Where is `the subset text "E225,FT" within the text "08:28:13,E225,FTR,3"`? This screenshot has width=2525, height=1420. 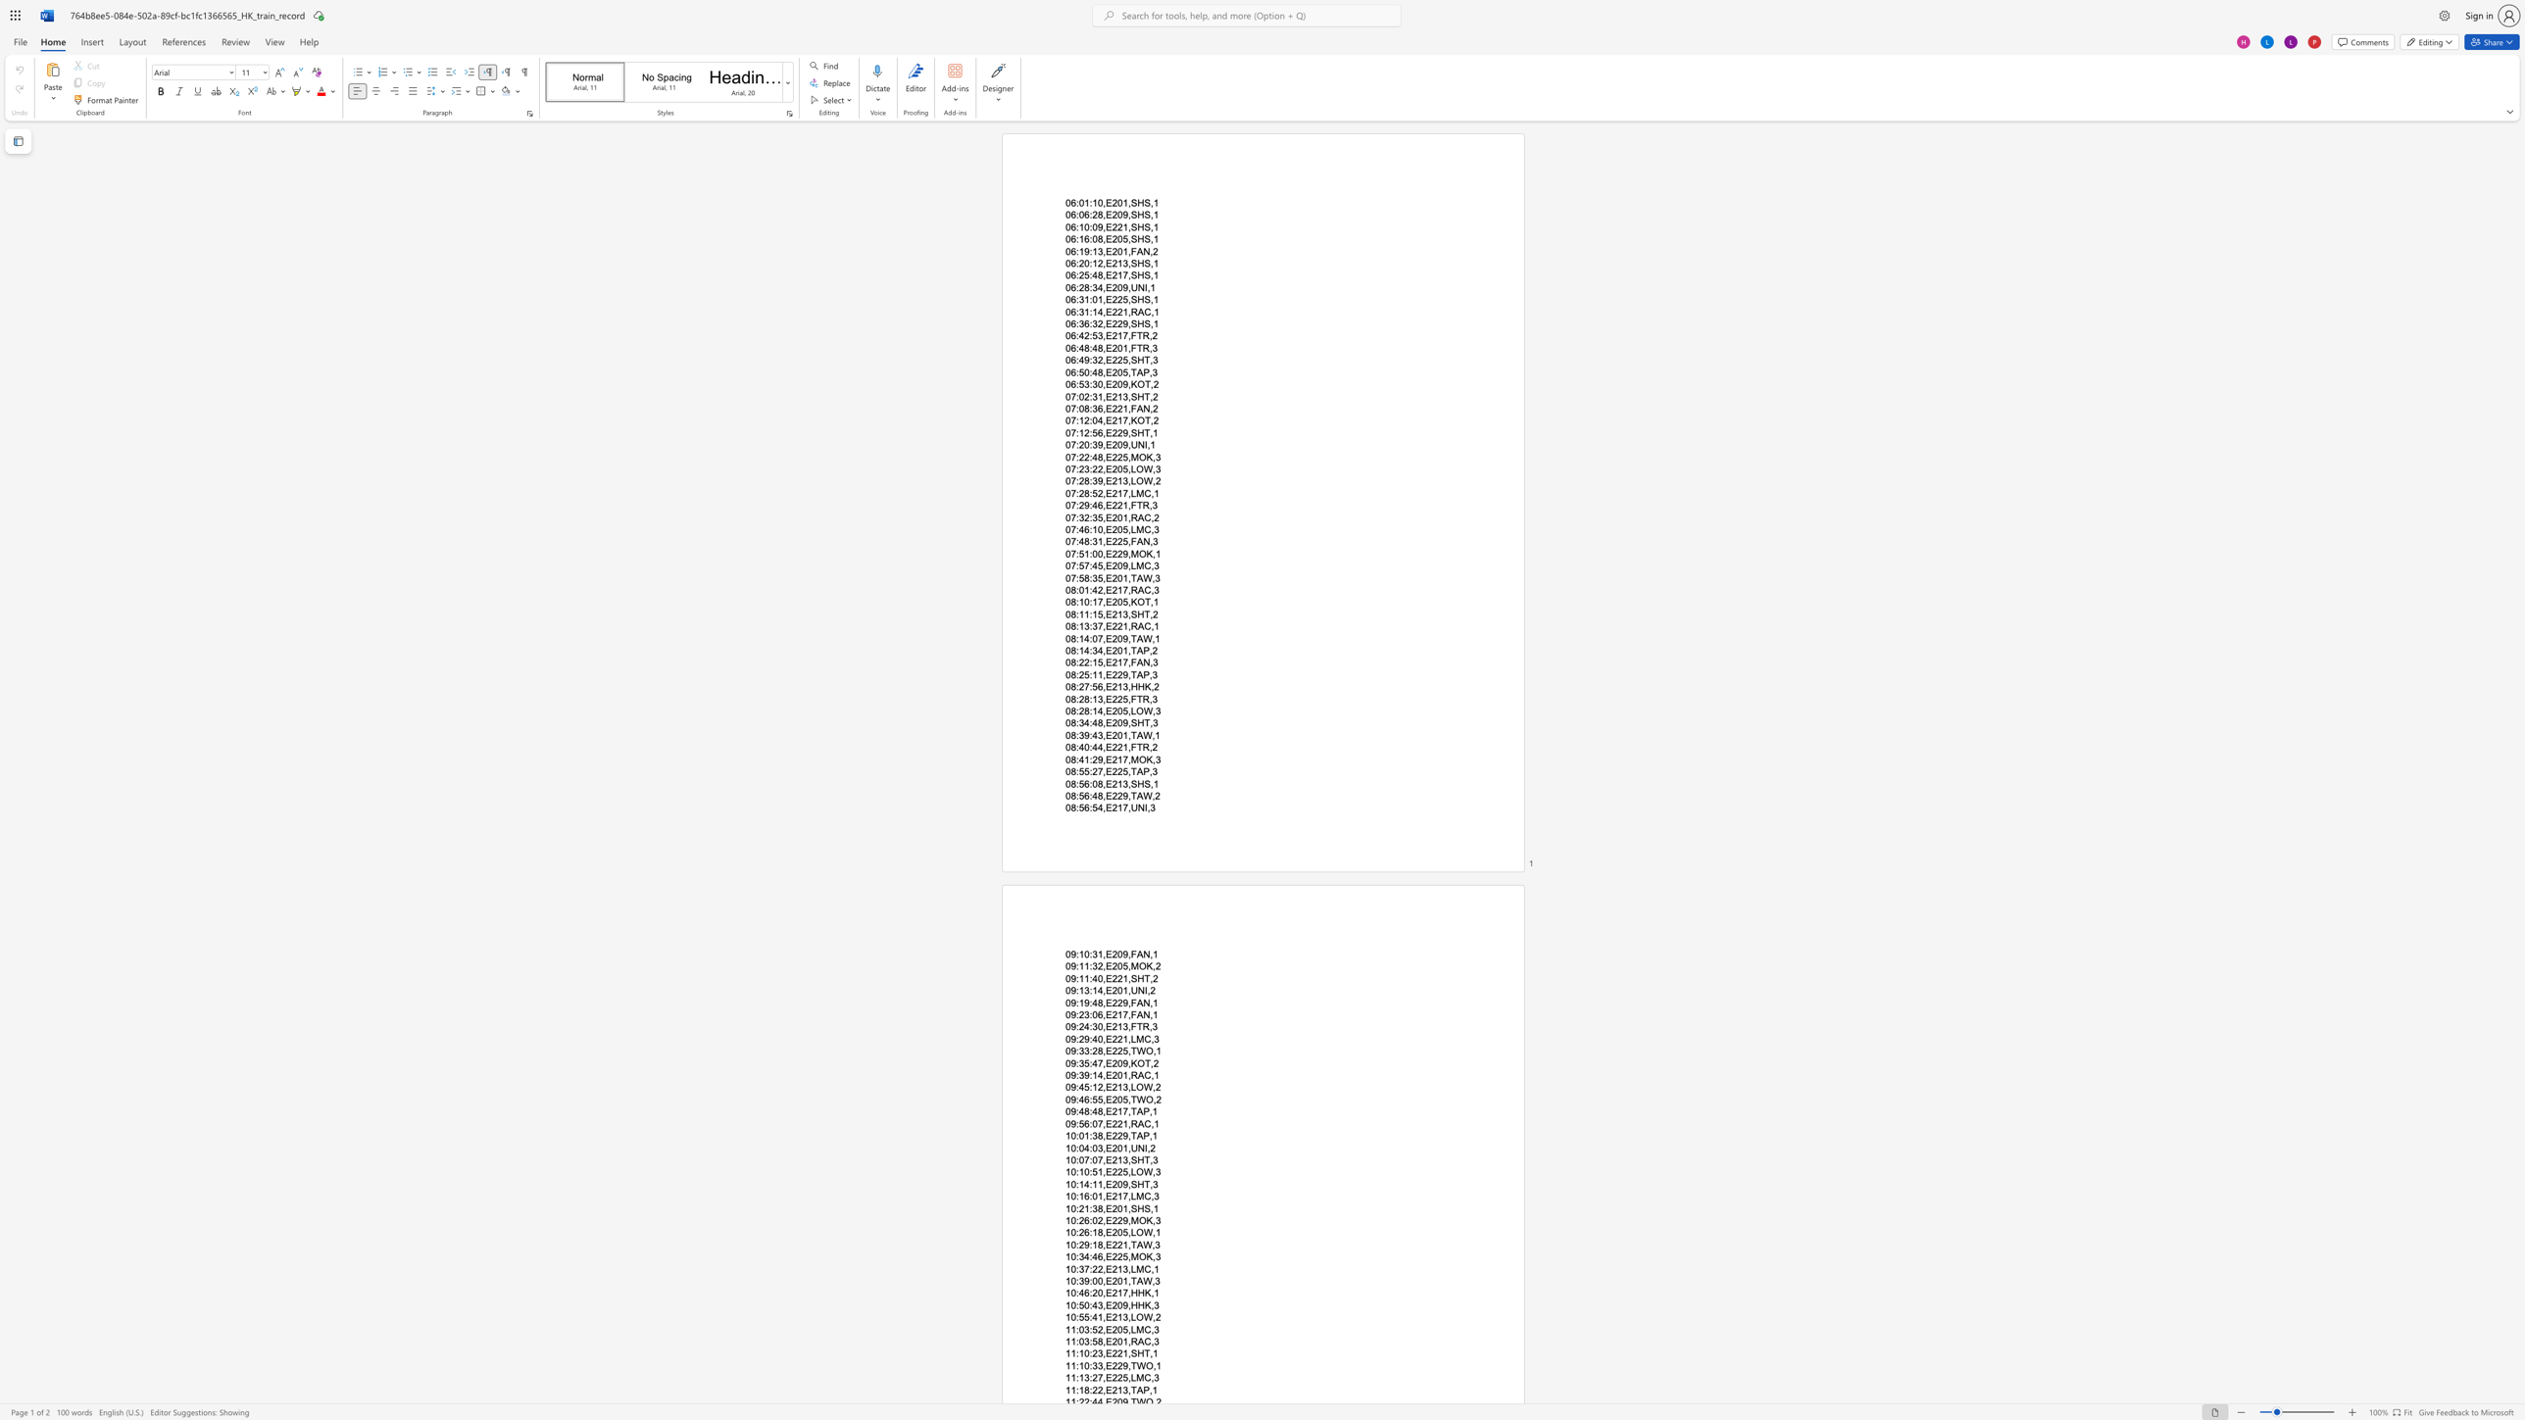
the subset text "E225,FT" within the text "08:28:13,E225,FTR,3" is located at coordinates (1105, 698).